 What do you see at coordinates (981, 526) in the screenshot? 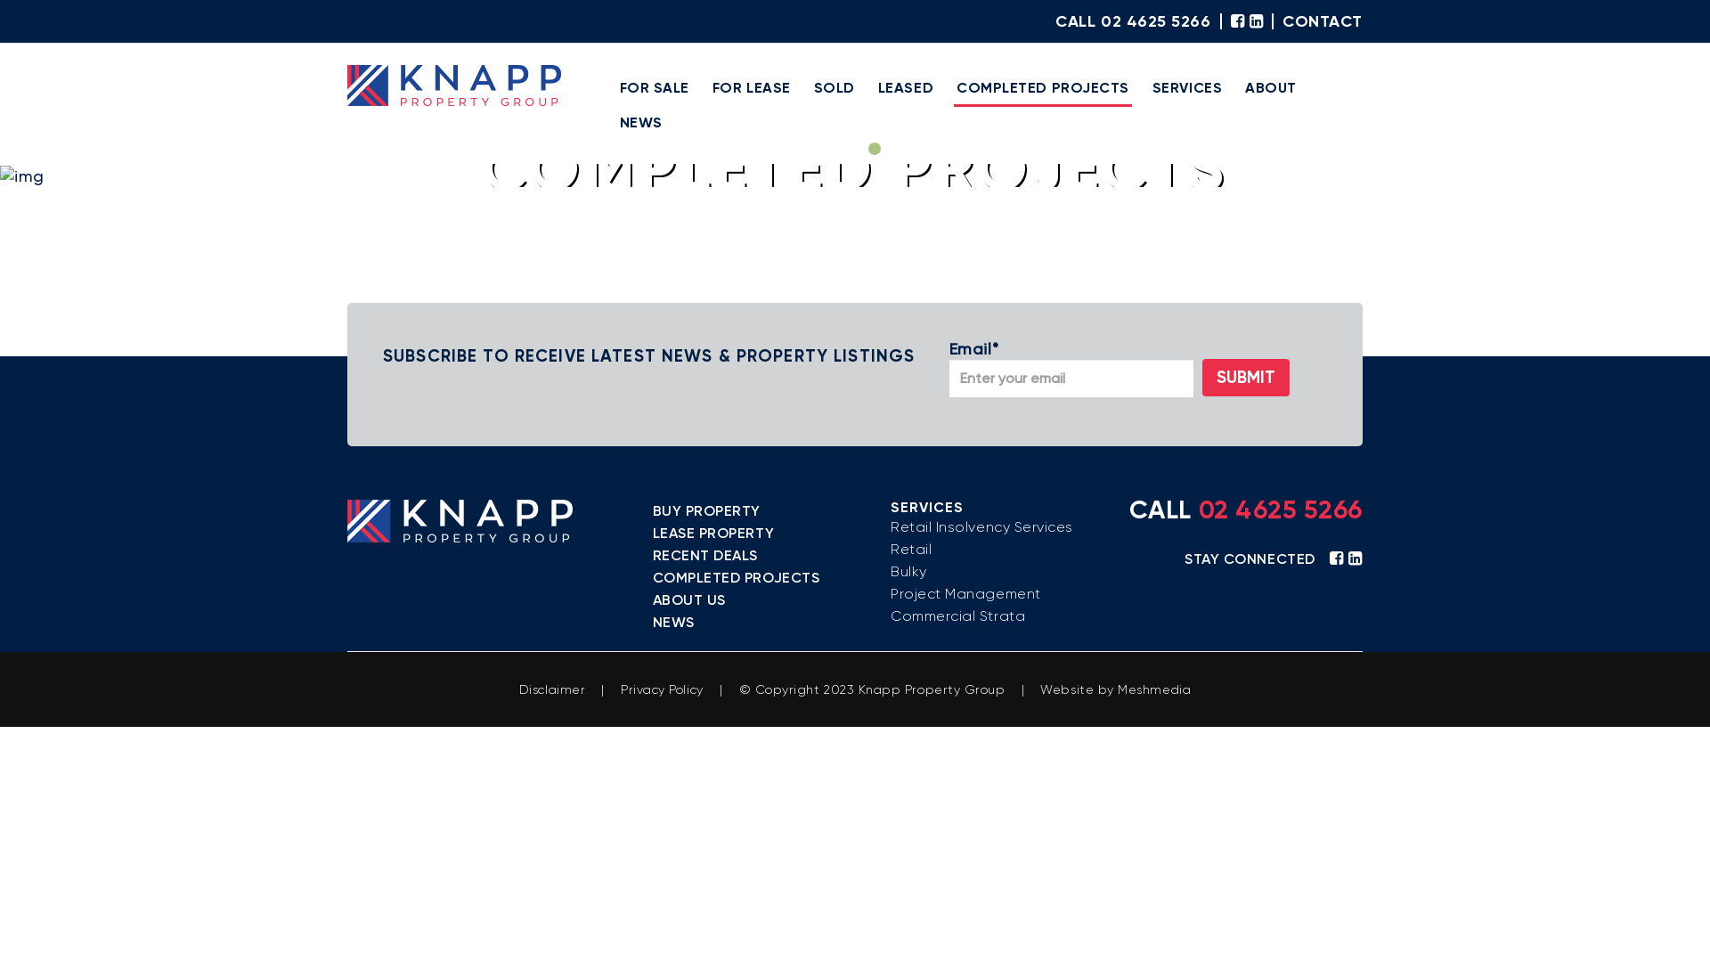
I see `'Retail Insolvency Services'` at bounding box center [981, 526].